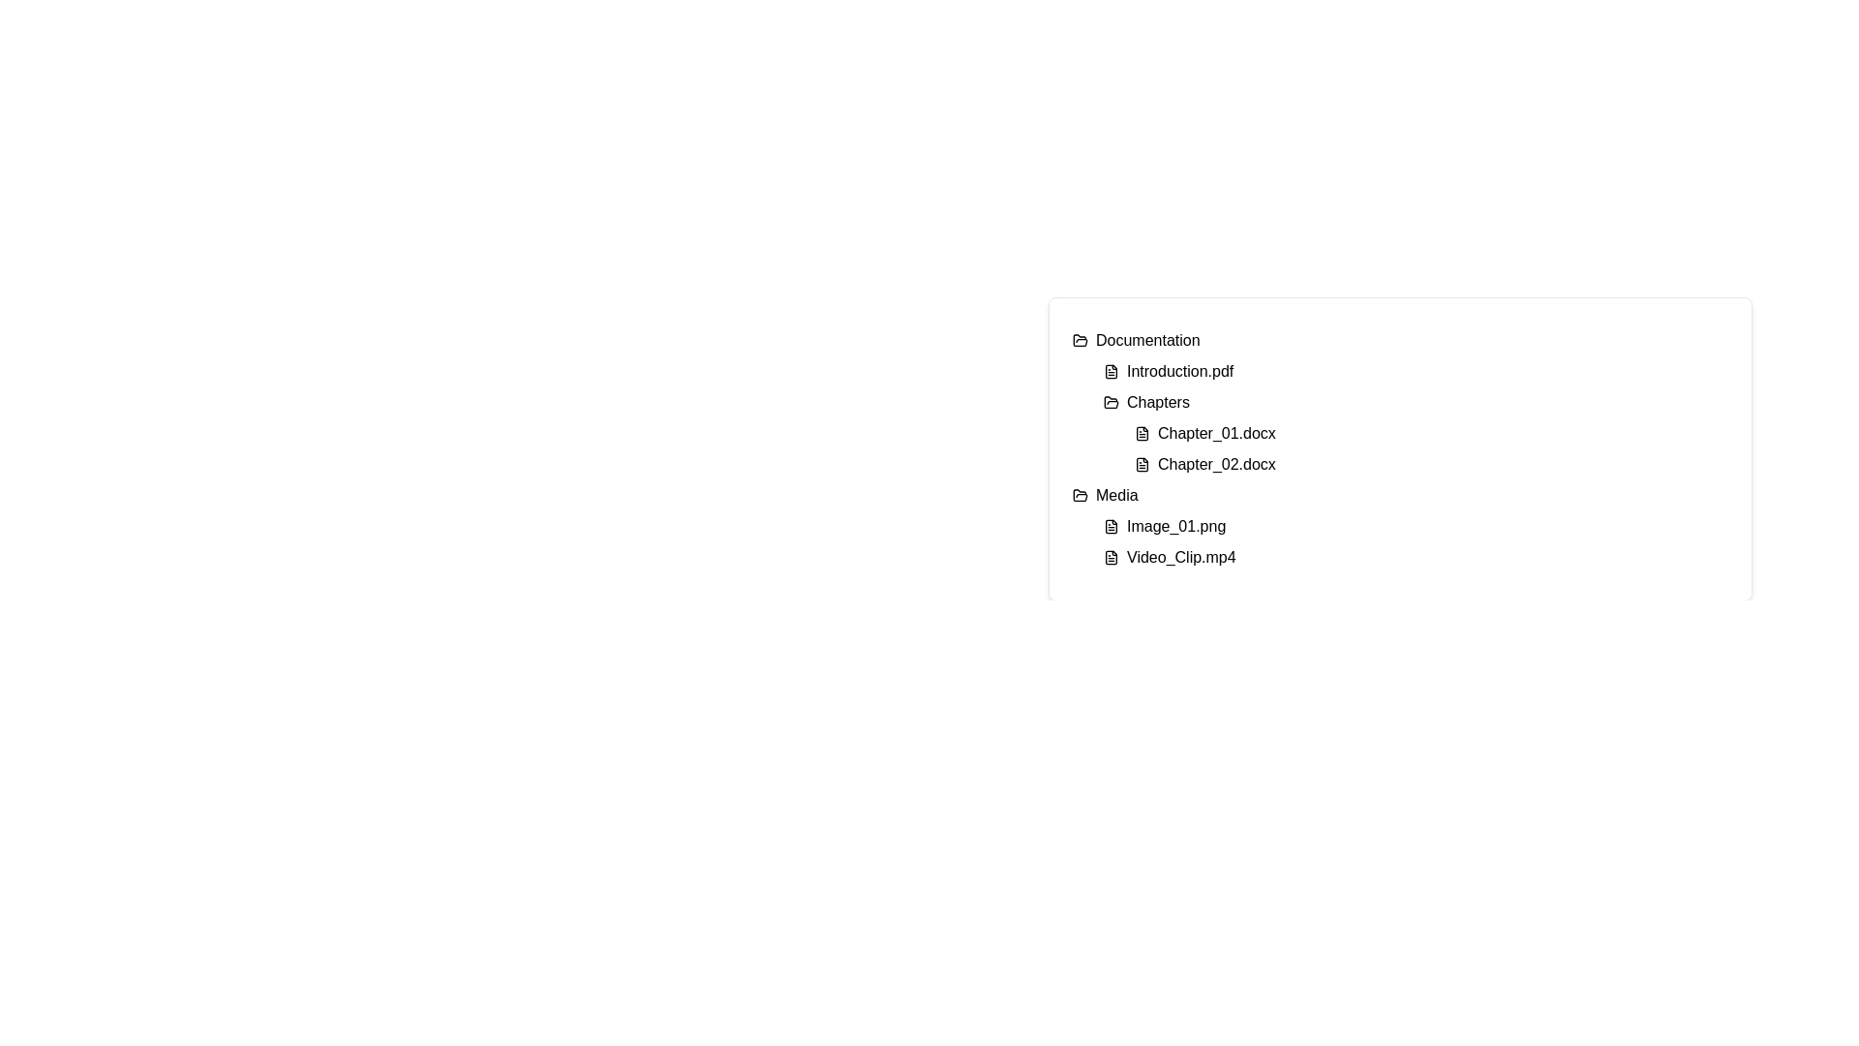 The width and height of the screenshot is (1859, 1046). Describe the element at coordinates (1116, 495) in the screenshot. I see `the 'Media' folder label in the file tree, which helps users identify this particular folder` at that location.